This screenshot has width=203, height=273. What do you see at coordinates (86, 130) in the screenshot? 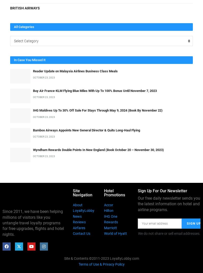
I see `'Bamboo Airways Appoints New General Director & Quits Long-Haul Flying'` at bounding box center [86, 130].